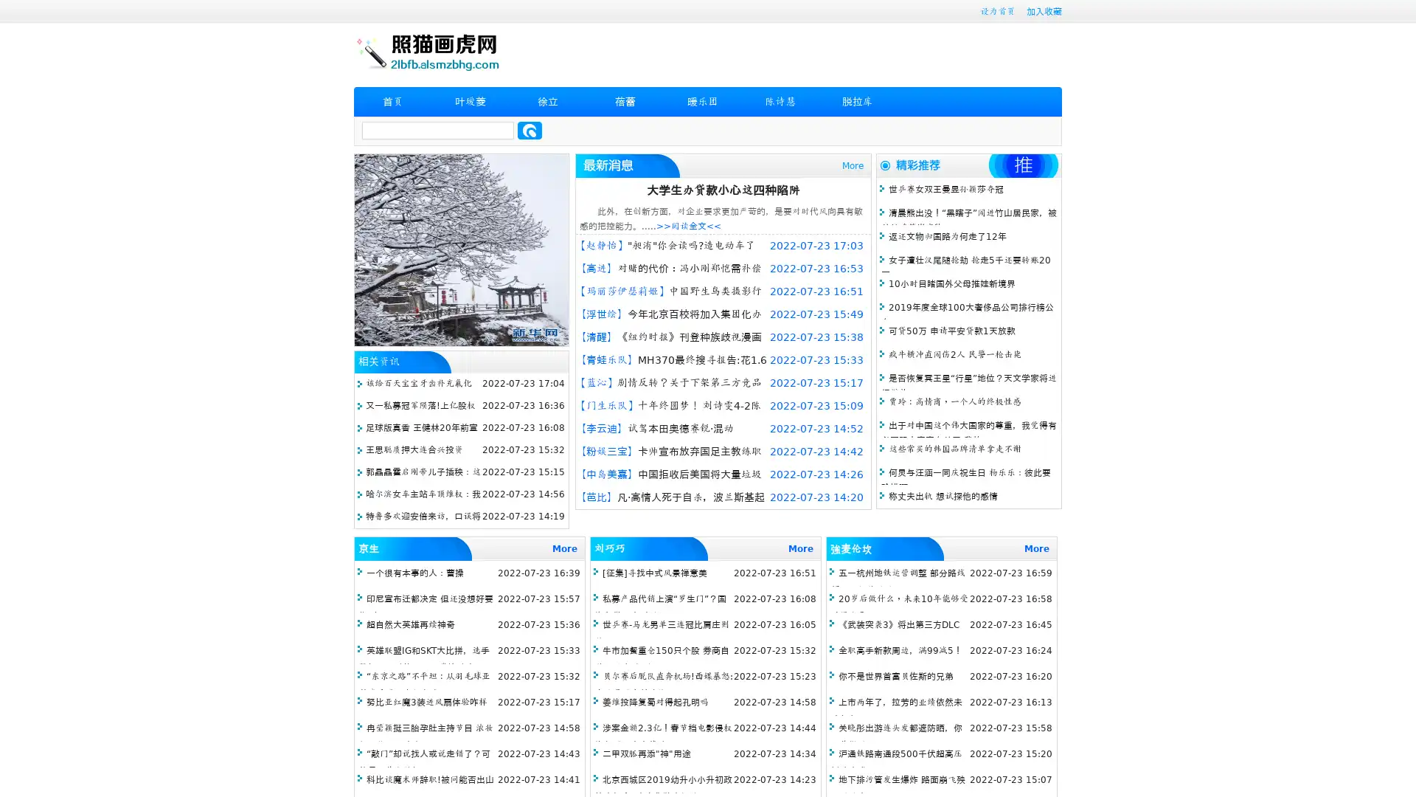 Image resolution: width=1416 pixels, height=797 pixels. What do you see at coordinates (530, 130) in the screenshot?
I see `Search` at bounding box center [530, 130].